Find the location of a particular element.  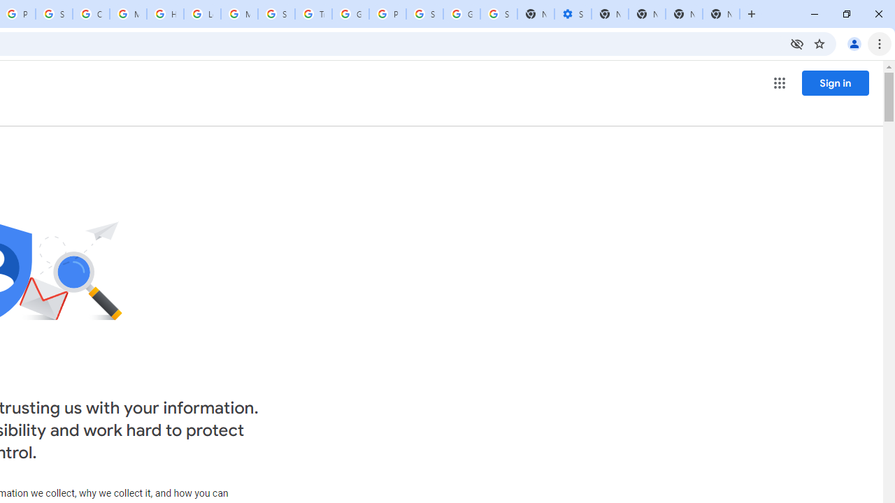

'Google Cybersecurity Innovations - Google Safety Center' is located at coordinates (461, 14).